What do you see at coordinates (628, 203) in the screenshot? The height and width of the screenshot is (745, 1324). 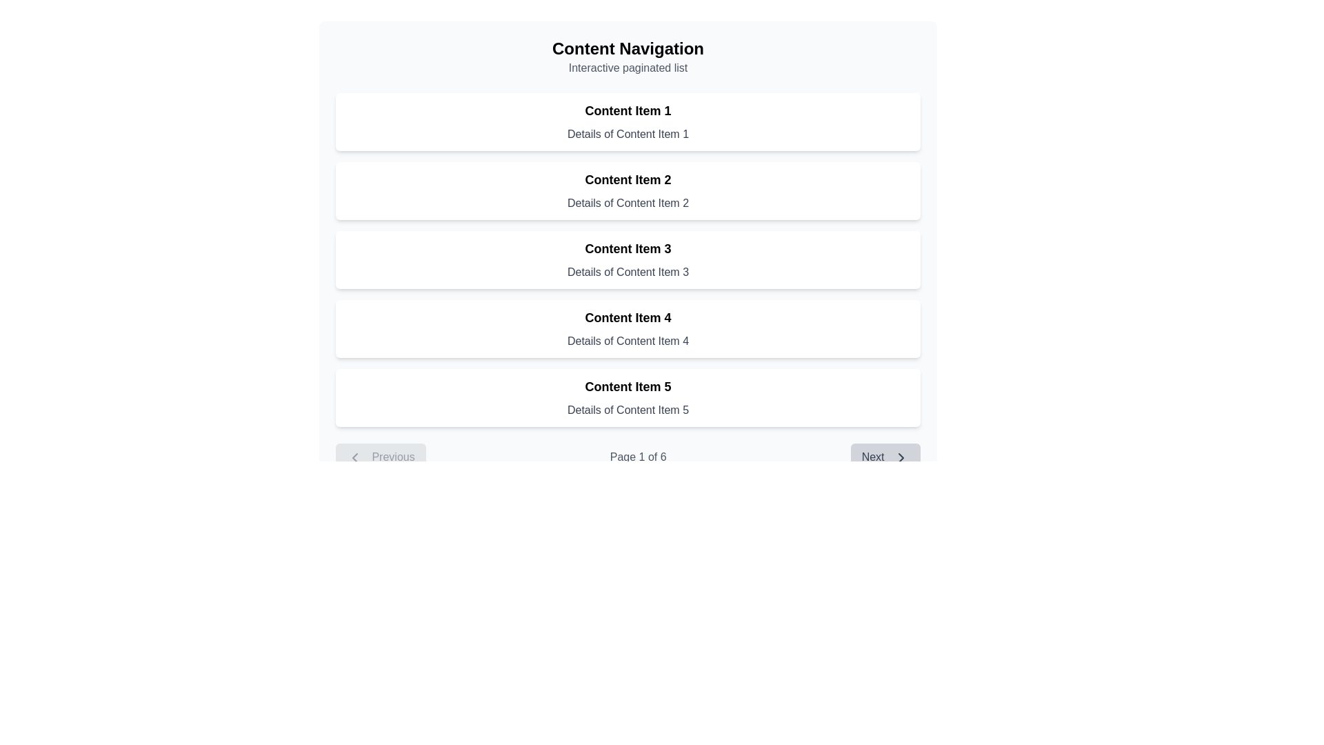 I see `the text label reading 'Details of Content Item 2' which is positioned below the bold header 'Content Item 2'` at bounding box center [628, 203].